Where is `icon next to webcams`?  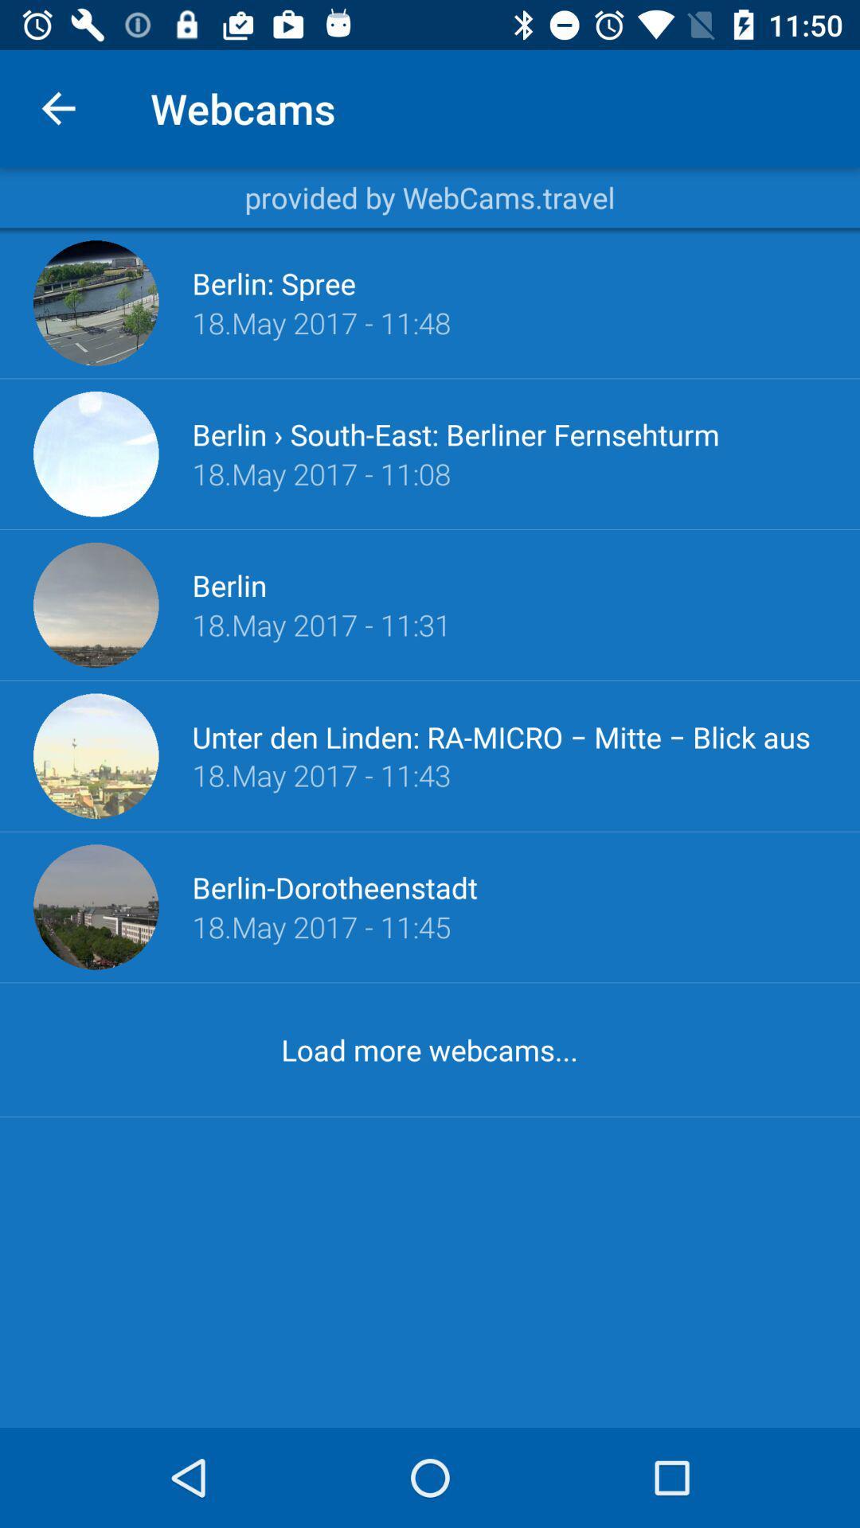 icon next to webcams is located at coordinates (57, 107).